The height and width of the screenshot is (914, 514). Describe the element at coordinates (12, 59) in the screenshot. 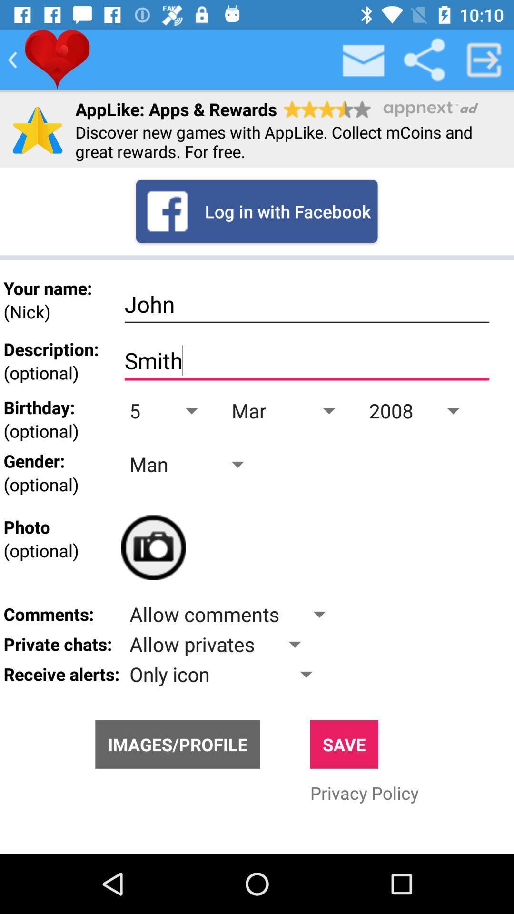

I see `go back` at that location.